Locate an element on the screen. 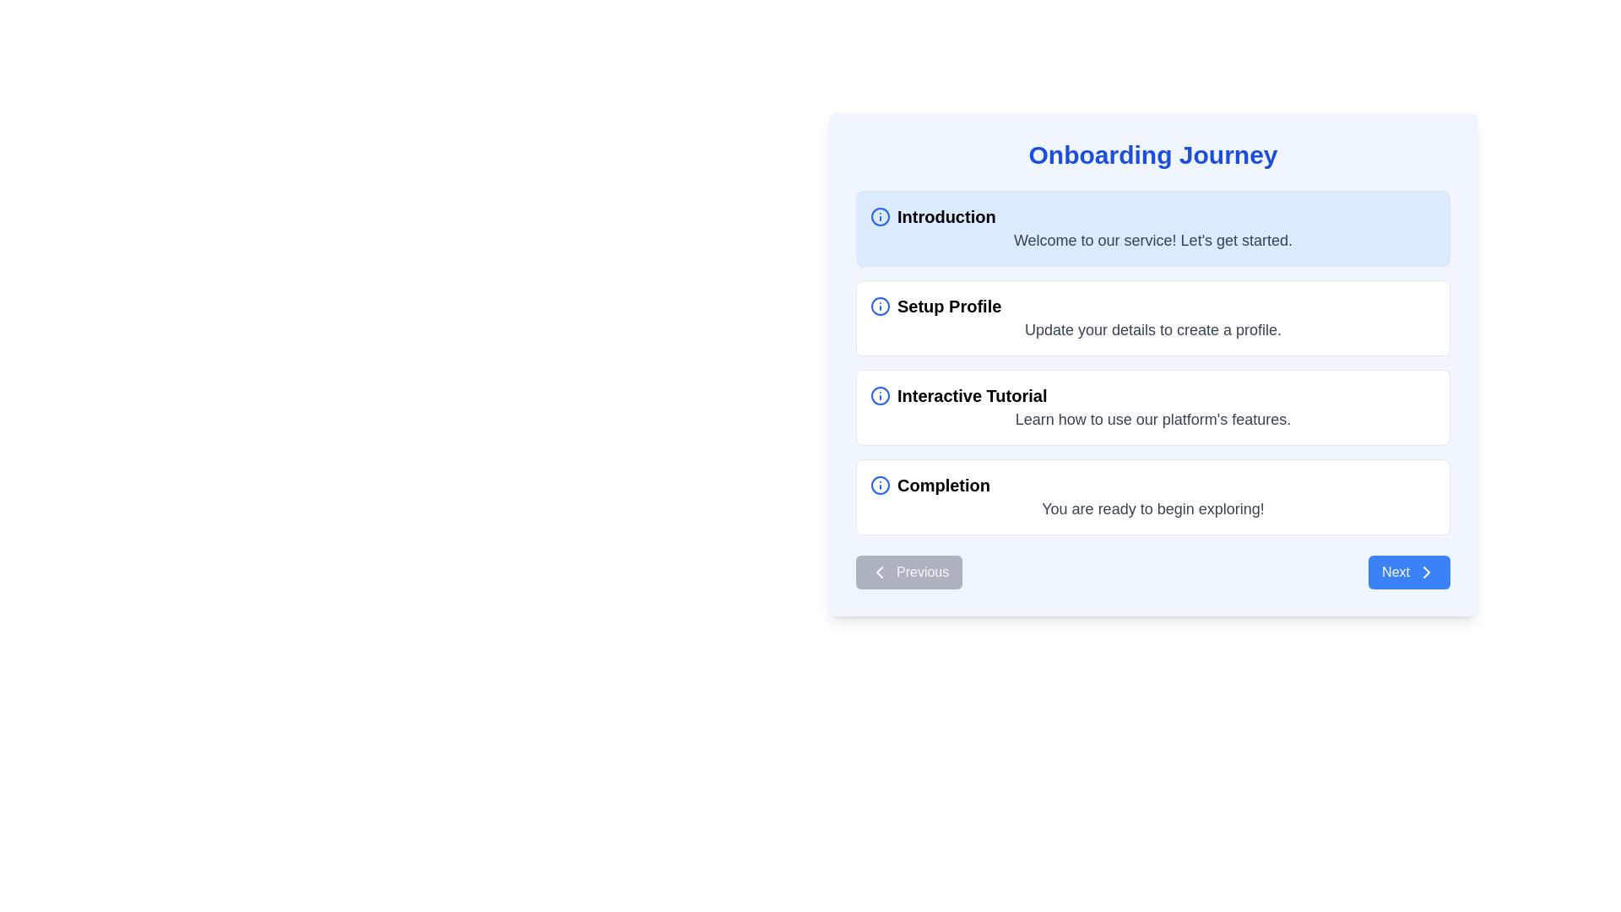 This screenshot has height=912, width=1621. the blue stroke circular SVG icon that is part of the info icon located to the left of the 'Interactive Tutorial' text in the onboarding interface is located at coordinates (879, 396).